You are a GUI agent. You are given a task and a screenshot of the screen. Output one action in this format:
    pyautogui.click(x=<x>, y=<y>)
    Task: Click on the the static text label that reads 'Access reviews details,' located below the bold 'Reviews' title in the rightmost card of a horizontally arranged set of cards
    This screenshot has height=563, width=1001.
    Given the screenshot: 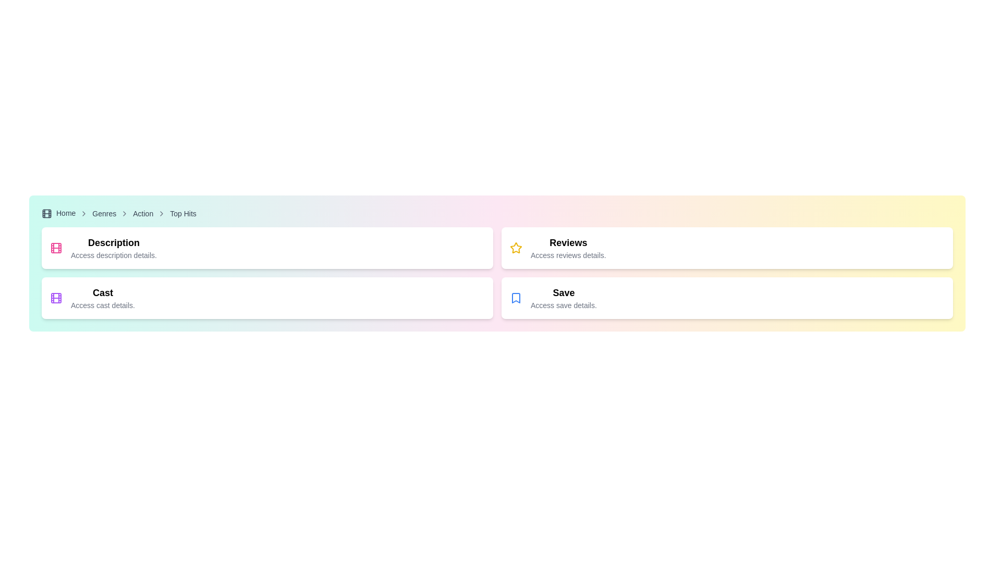 What is the action you would take?
    pyautogui.click(x=568, y=255)
    